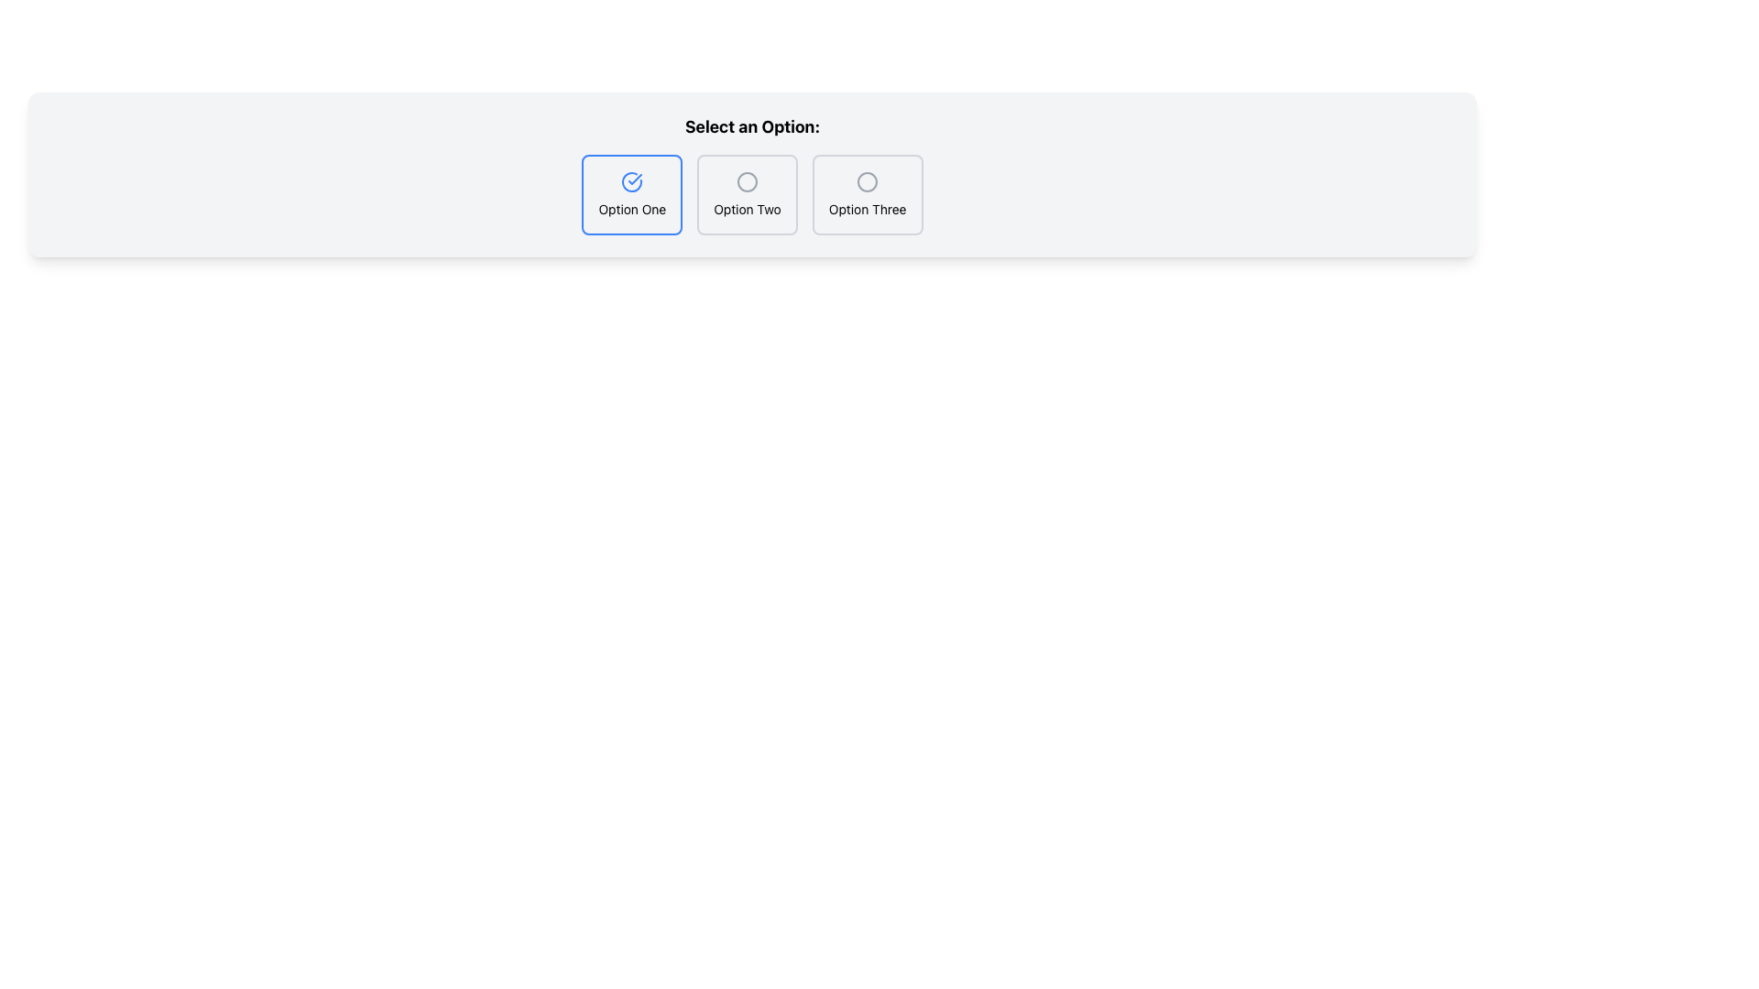  What do you see at coordinates (632, 194) in the screenshot?
I see `the 'Option One' button, which is a rectangular button with rounded corners, a light grey background, a blue border, and features a blue checkmark icon at the top with the text 'Option One' below it` at bounding box center [632, 194].